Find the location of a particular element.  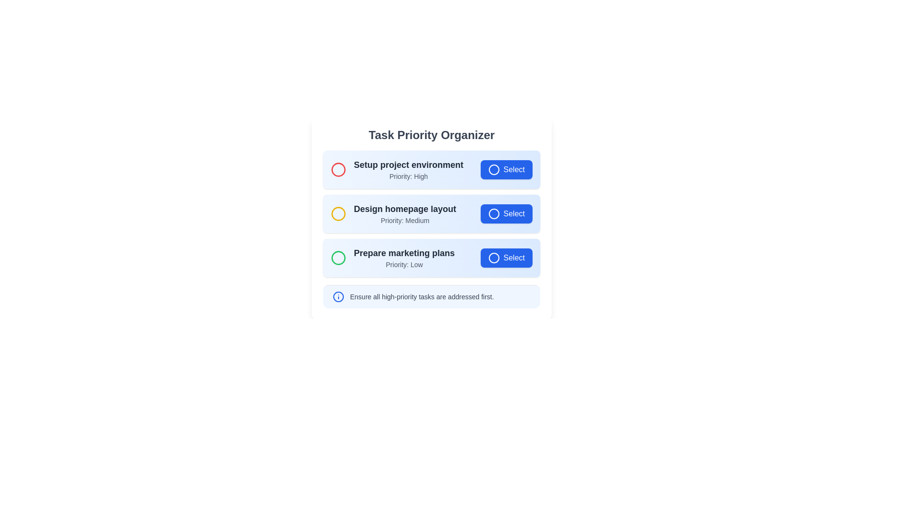

information provided in the informational message box located at the bottom of the 'Task Priority Organizer', which is the last element within the grouped content is located at coordinates (431, 296).